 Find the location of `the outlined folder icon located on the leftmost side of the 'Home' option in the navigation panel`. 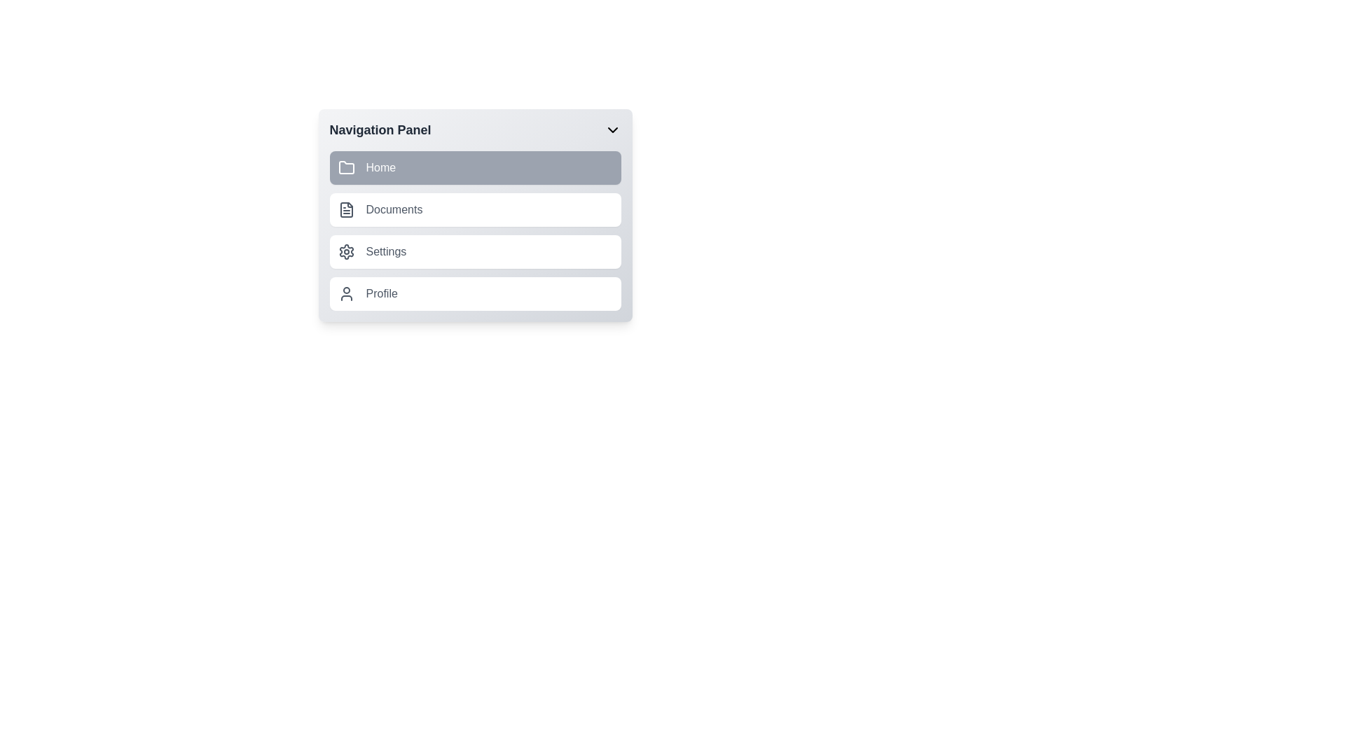

the outlined folder icon located on the leftmost side of the 'Home' option in the navigation panel is located at coordinates (346, 167).